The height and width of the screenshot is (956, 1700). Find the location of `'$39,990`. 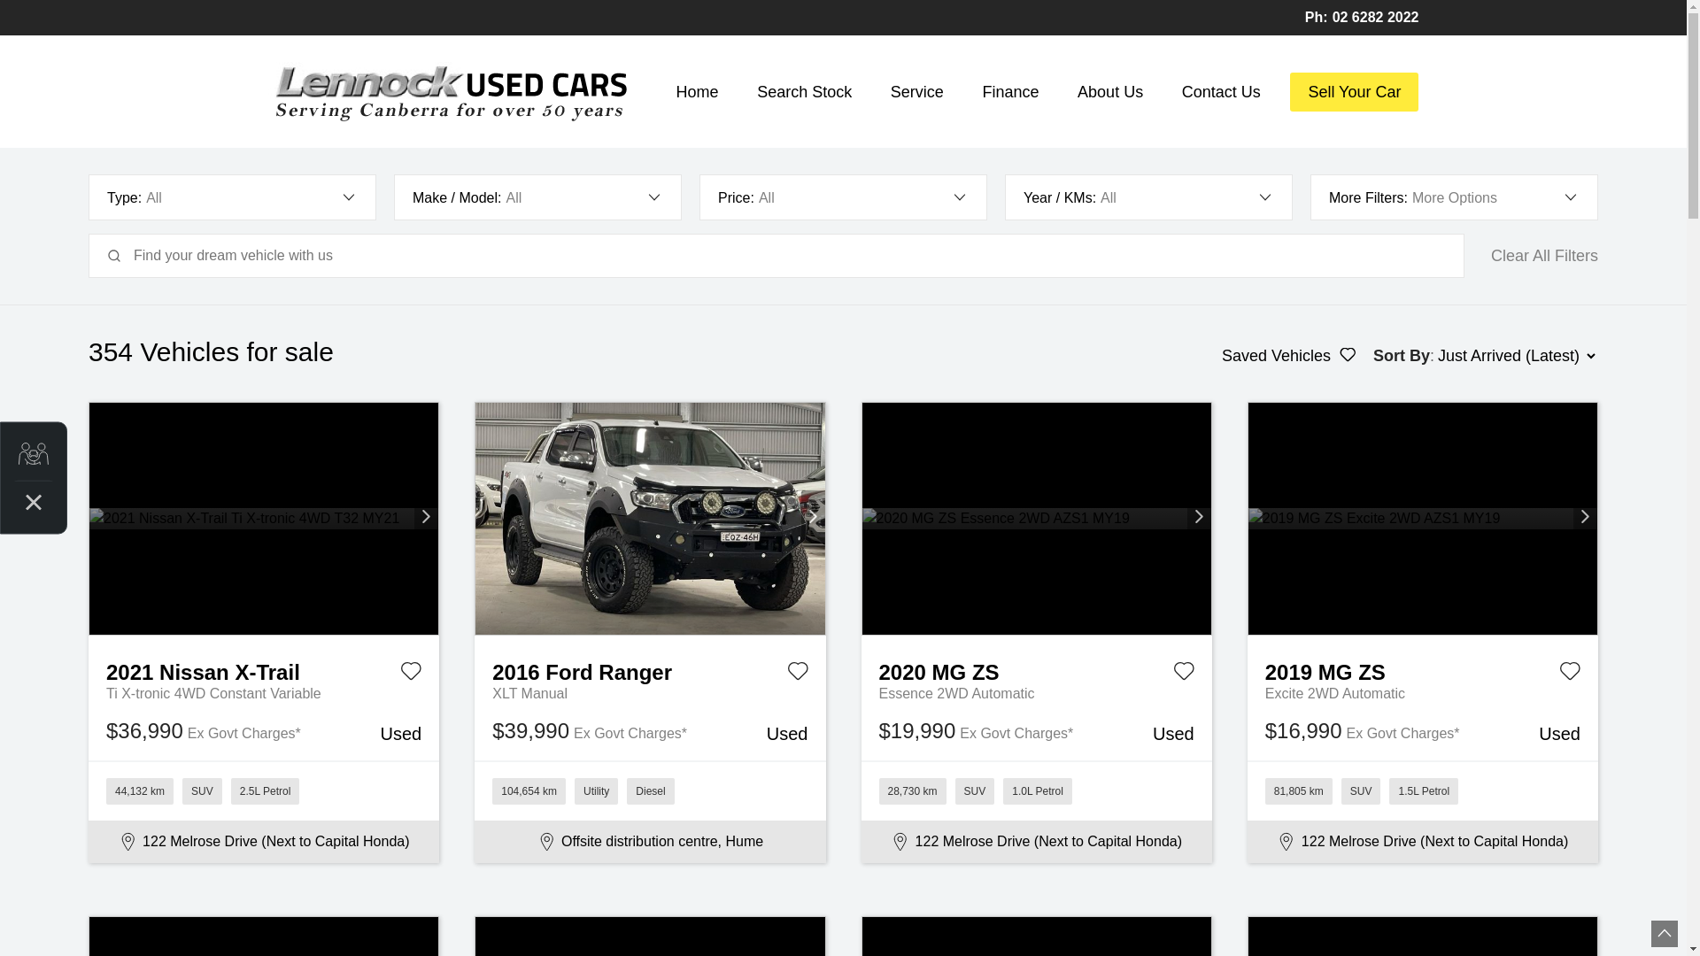

'$39,990 is located at coordinates (649, 732).